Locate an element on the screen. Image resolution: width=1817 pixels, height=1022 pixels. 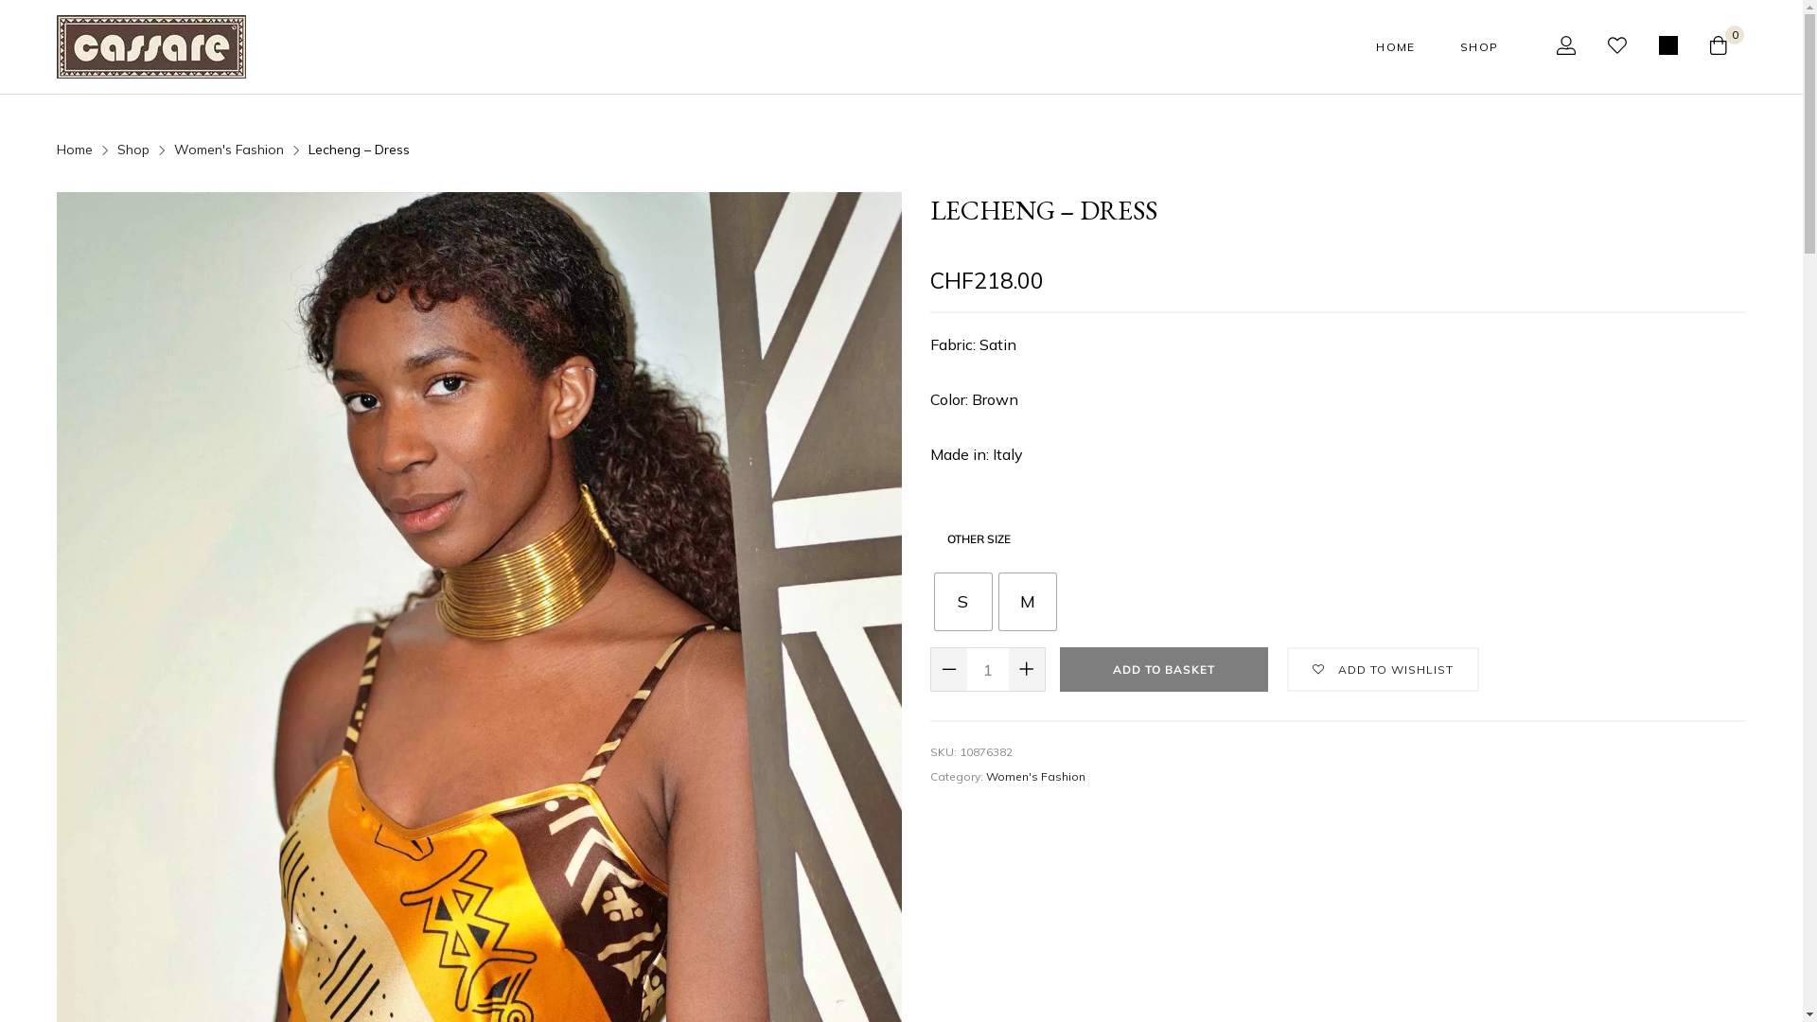
'Women's Fashion' is located at coordinates (1034, 776).